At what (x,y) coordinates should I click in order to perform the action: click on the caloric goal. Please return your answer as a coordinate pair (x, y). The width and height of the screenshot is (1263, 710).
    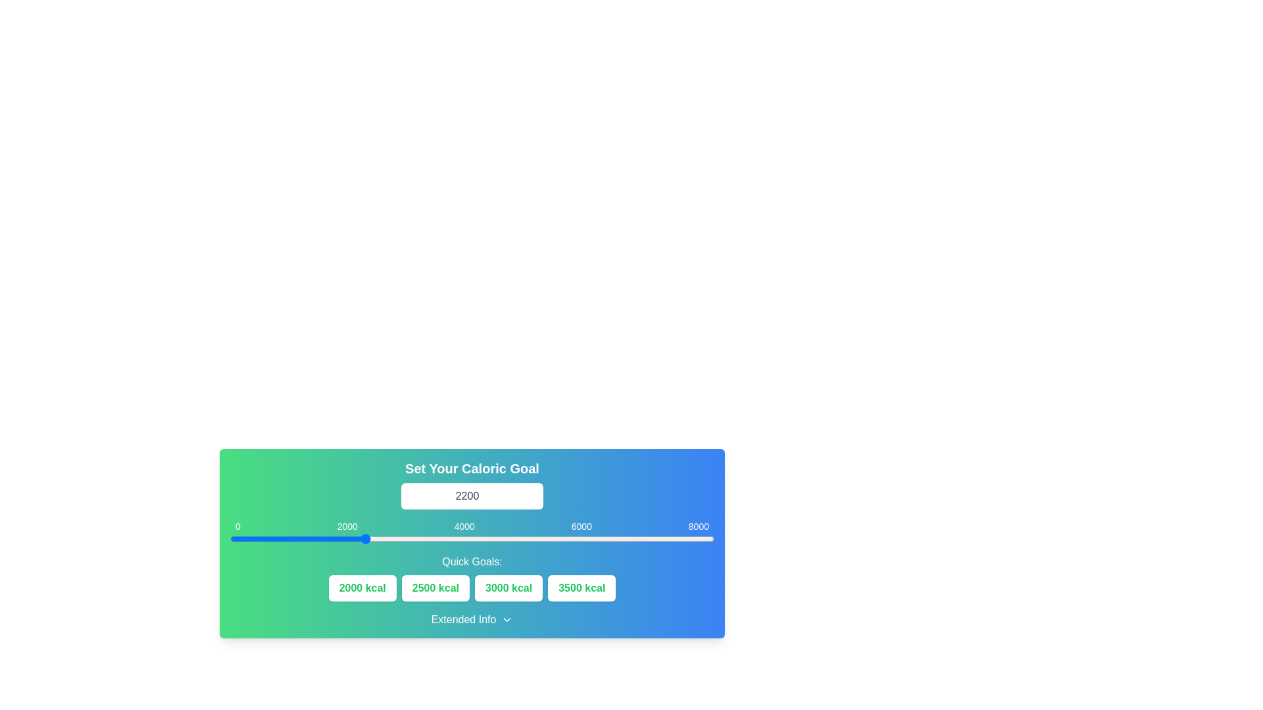
    Looking at the image, I should click on (257, 539).